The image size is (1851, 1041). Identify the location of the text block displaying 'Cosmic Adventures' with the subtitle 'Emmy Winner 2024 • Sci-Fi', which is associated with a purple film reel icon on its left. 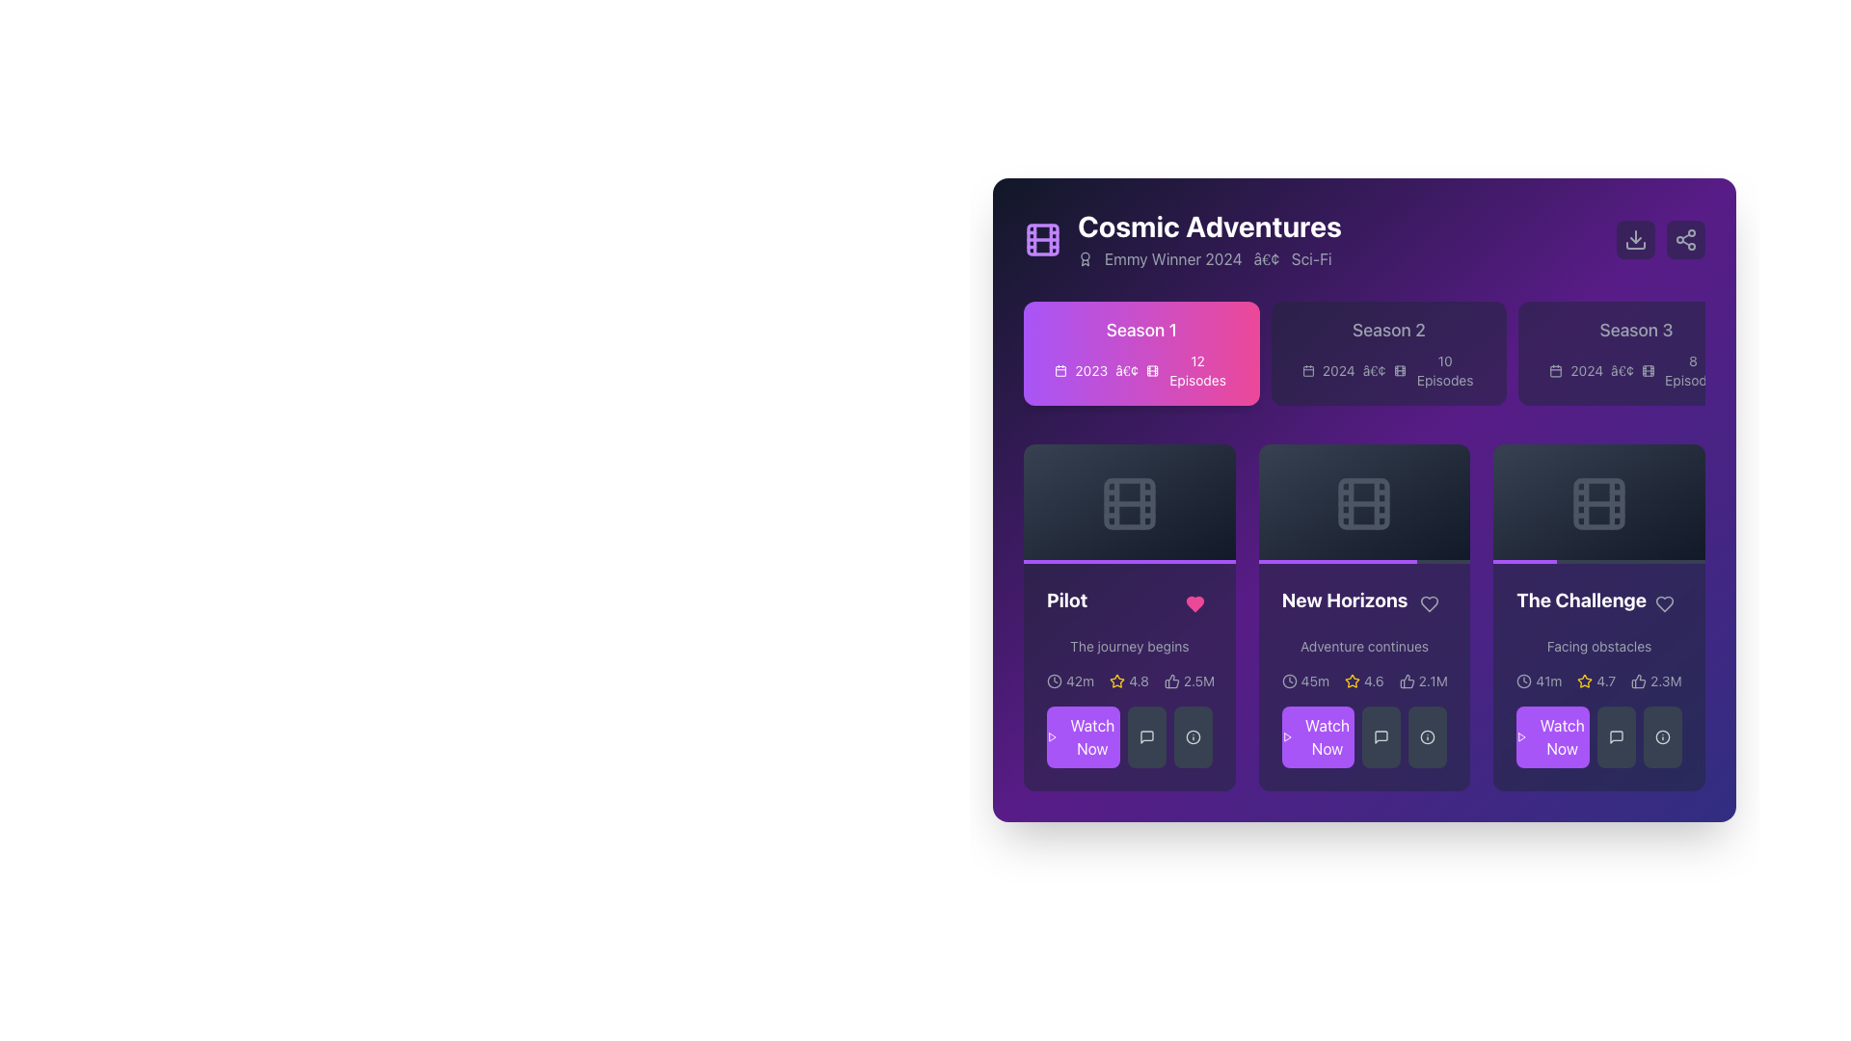
(1181, 239).